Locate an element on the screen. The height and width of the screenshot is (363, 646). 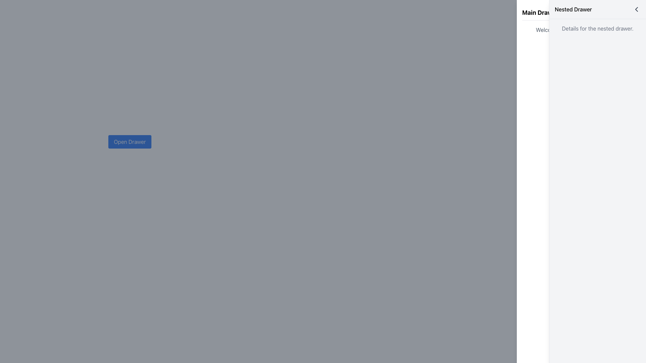
the chevron-left SVG icon representing the back action located in the header bar of the nested drawer is located at coordinates (636, 9).